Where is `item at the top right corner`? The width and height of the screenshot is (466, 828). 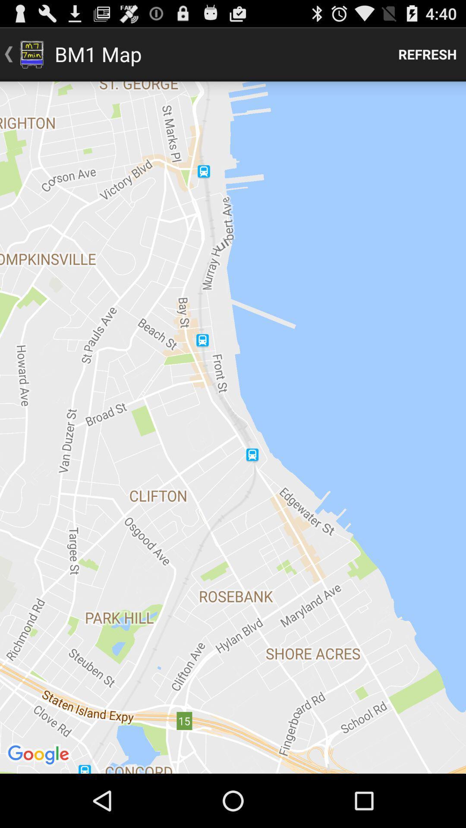
item at the top right corner is located at coordinates (428, 53).